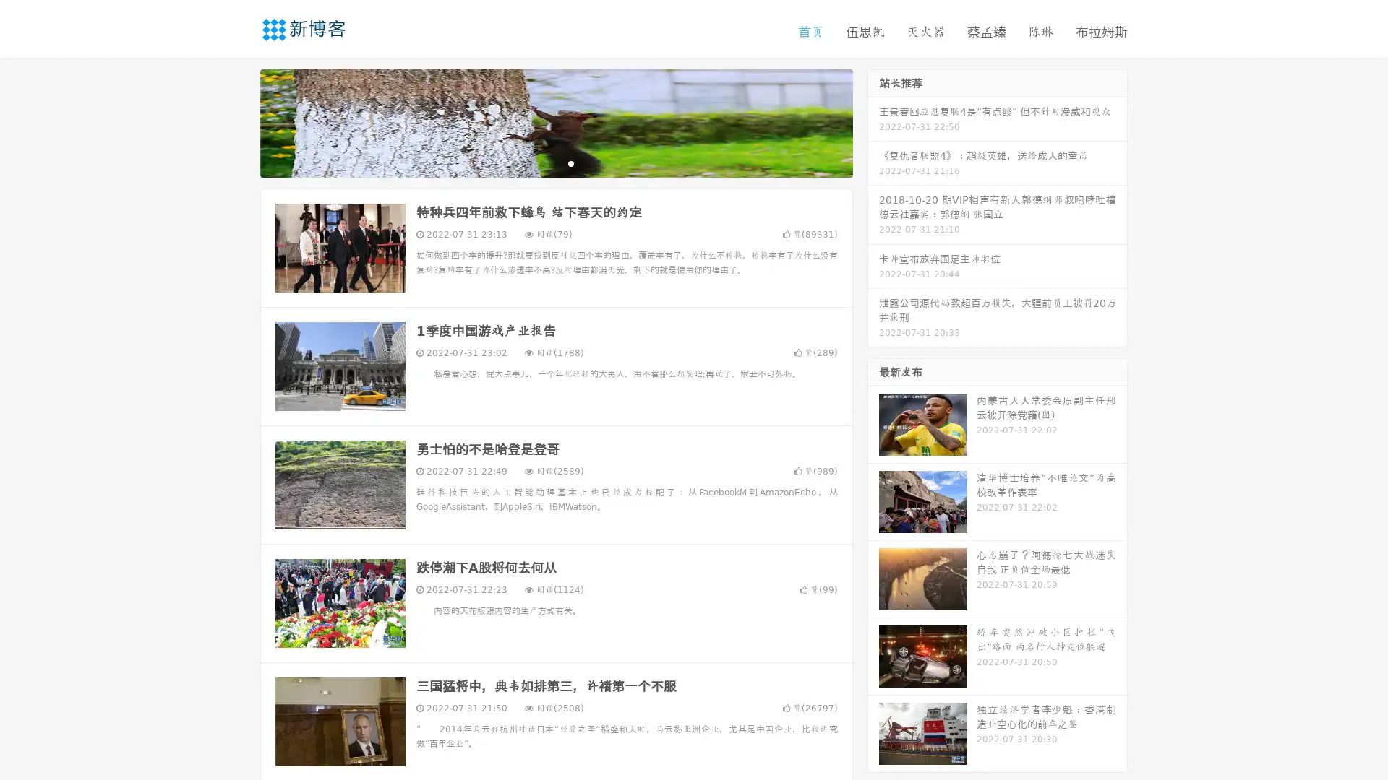 This screenshot has height=780, width=1388. Describe the element at coordinates (555, 162) in the screenshot. I see `Go to slide 2` at that location.